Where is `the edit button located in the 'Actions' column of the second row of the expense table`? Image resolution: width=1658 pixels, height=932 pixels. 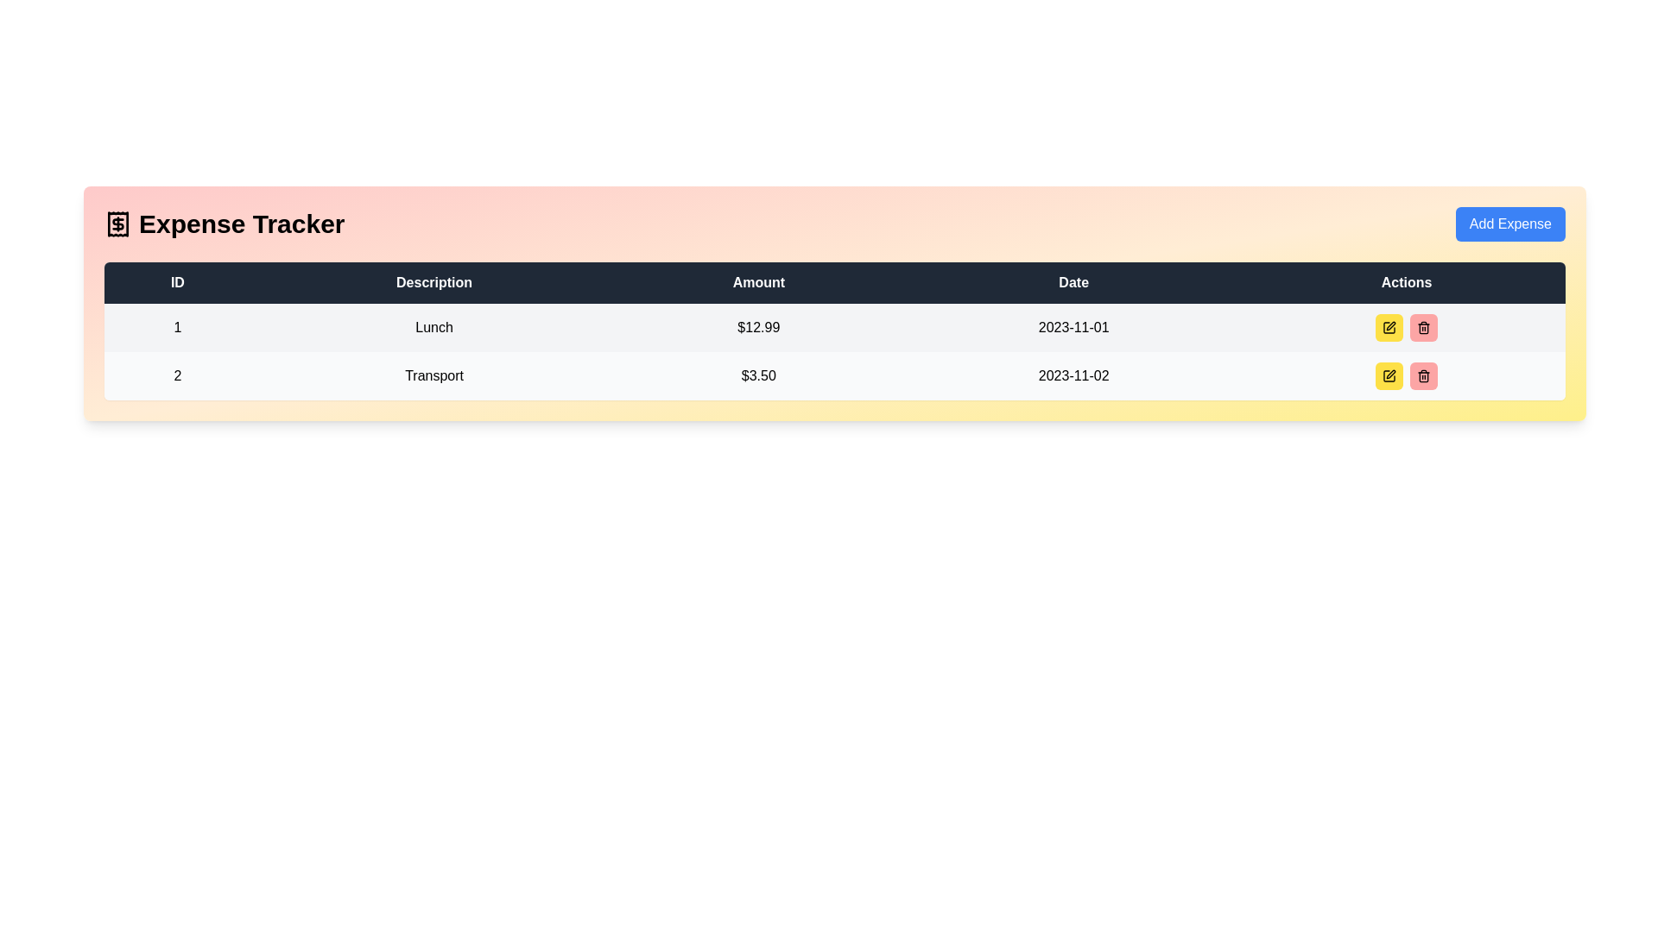
the edit button located in the 'Actions' column of the second row of the expense table is located at coordinates (1389, 375).